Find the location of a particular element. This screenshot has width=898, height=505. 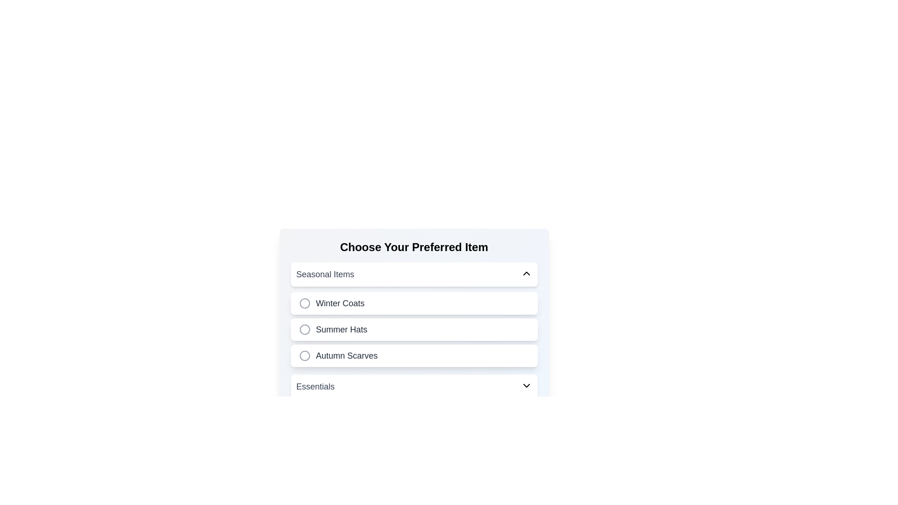

the unselected radio button with a gray border to the left of the text 'Autumn Scarves' in the 'Choose Your Preferred Item' dropdown menu is located at coordinates (304, 355).